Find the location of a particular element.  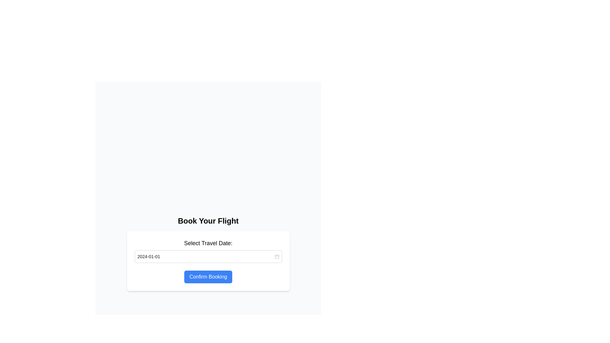

the confirm button located below the 'Select Travel Date' input field in the card section to confirm the booking is located at coordinates (208, 276).